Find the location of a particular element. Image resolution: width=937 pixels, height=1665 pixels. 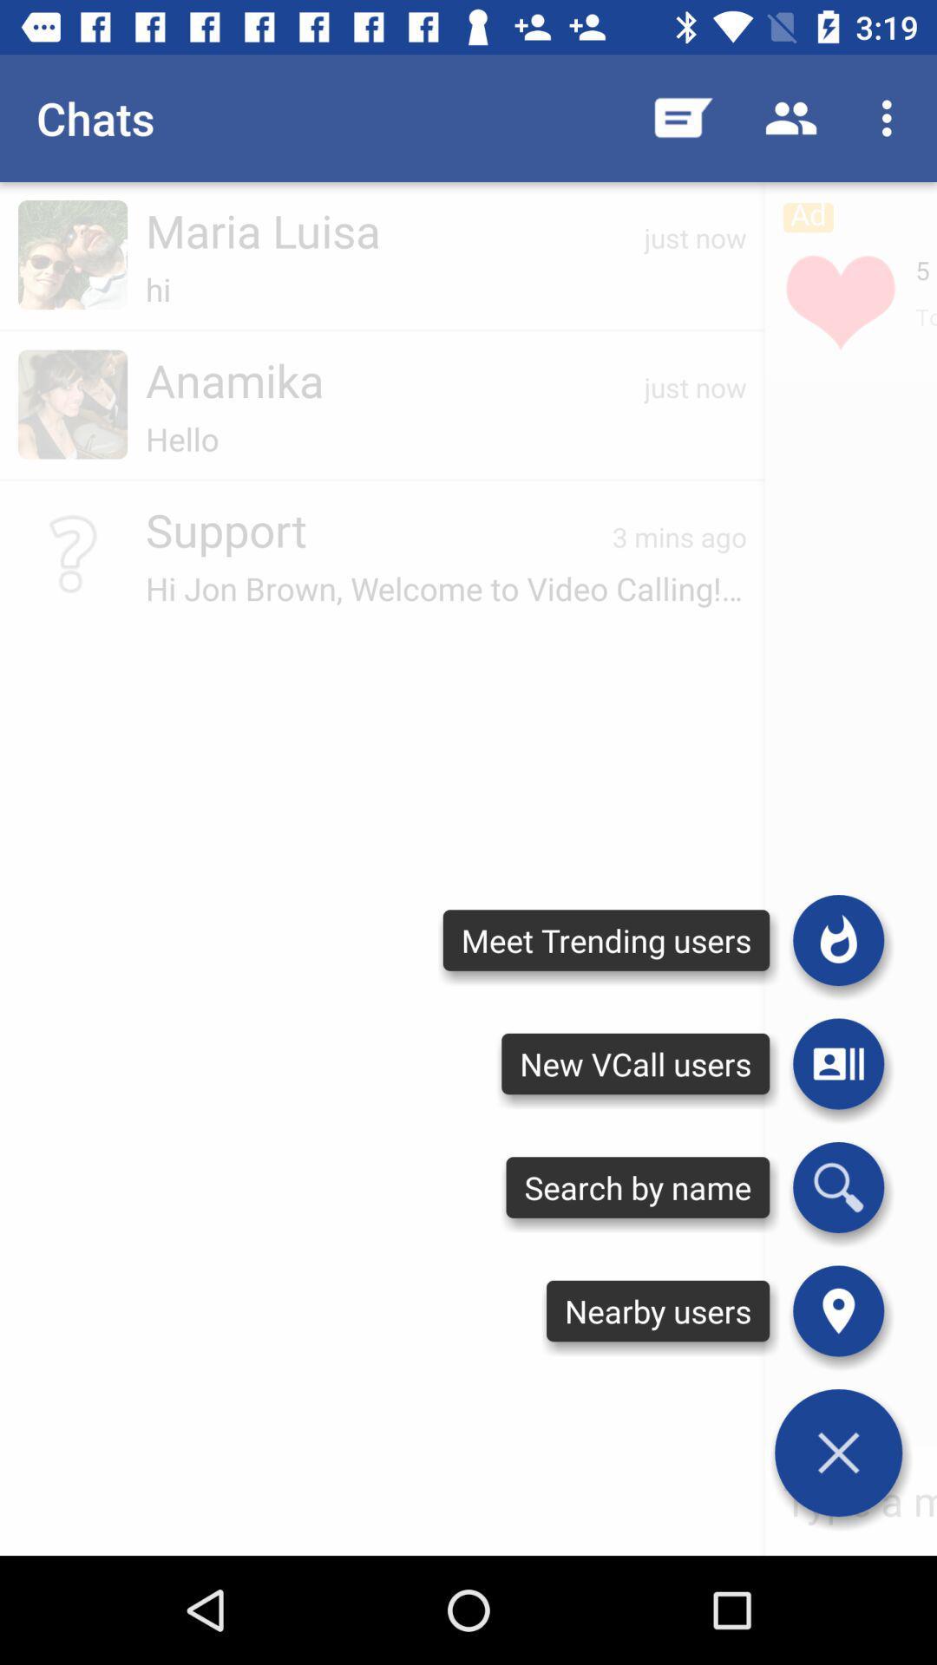

the close icon is located at coordinates (837, 1453).